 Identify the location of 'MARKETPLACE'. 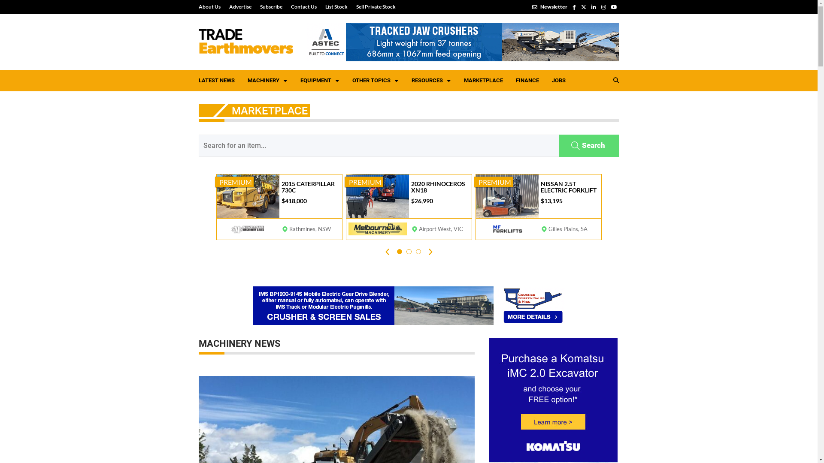
(457, 81).